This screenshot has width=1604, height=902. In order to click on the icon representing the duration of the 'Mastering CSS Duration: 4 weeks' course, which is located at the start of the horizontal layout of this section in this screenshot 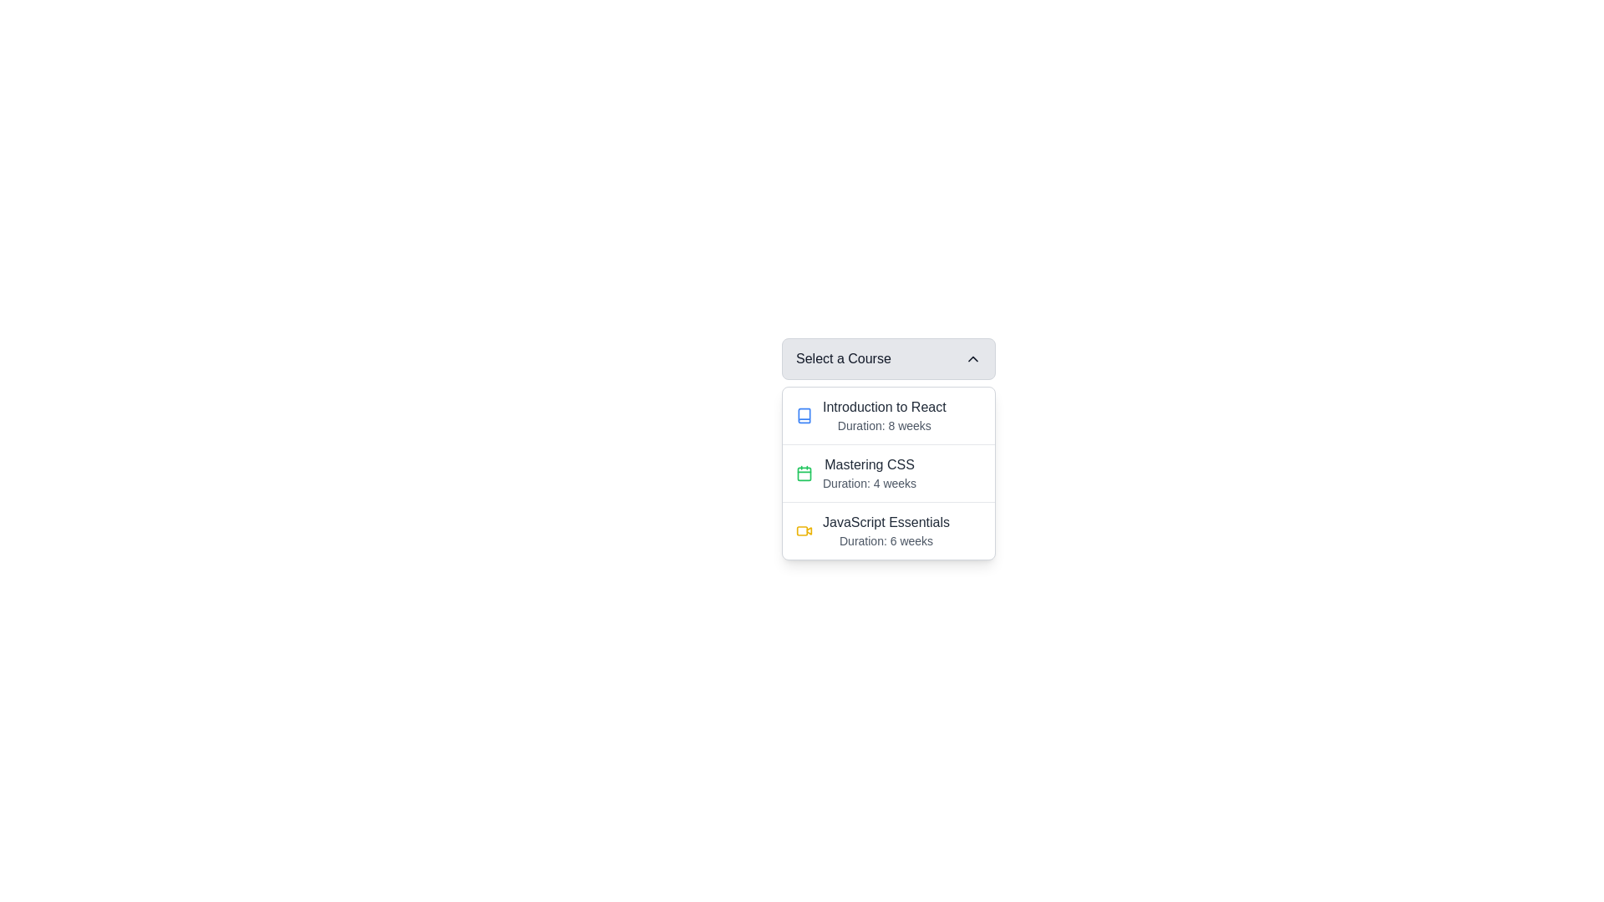, I will do `click(805, 474)`.